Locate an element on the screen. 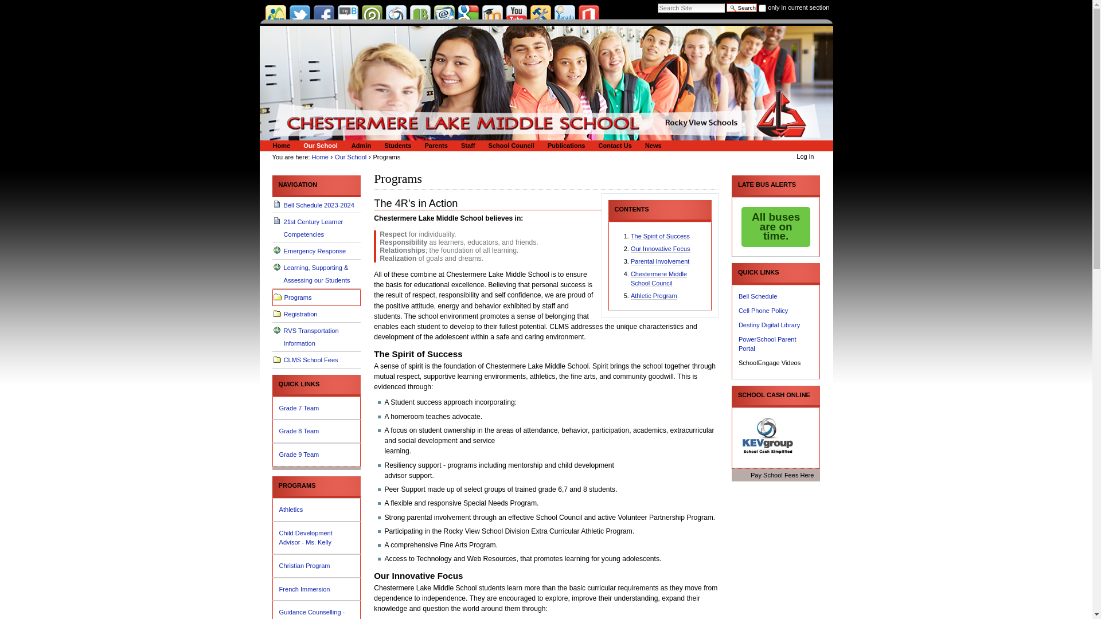  'Facebook' is located at coordinates (322, 15).